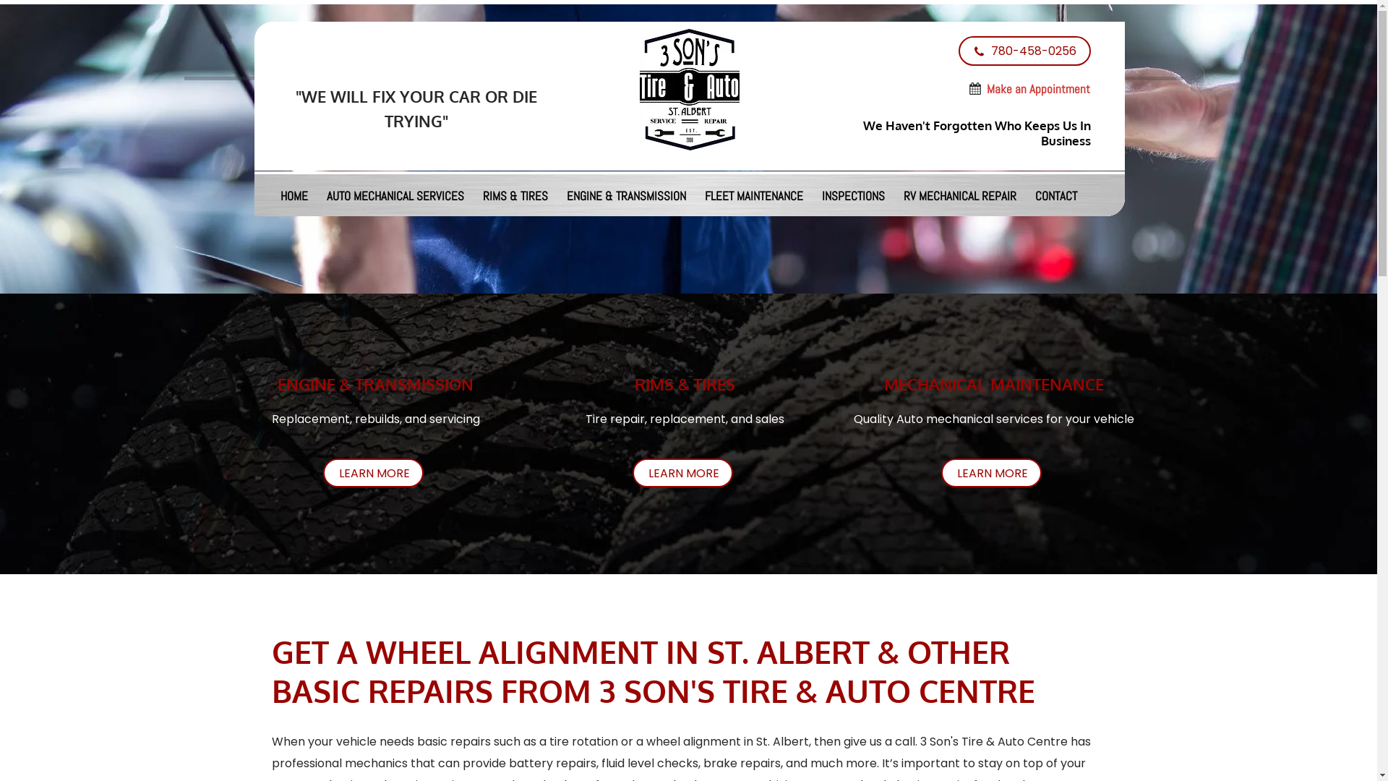 Image resolution: width=1388 pixels, height=781 pixels. I want to click on 'LEARN MORE', so click(990, 473).